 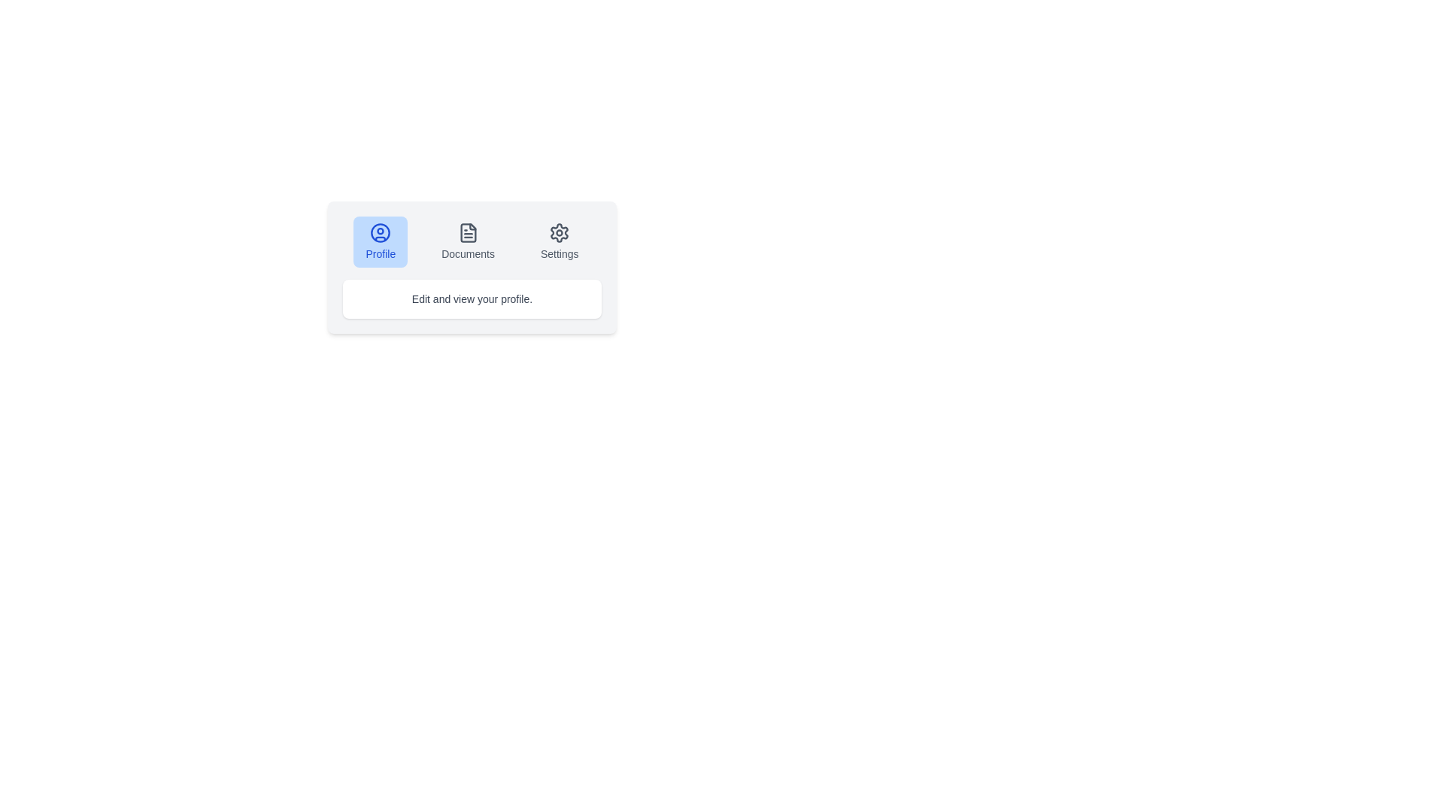 What do you see at coordinates (467, 232) in the screenshot?
I see `the document icon, which is a minimalist outlined vector design depicting a paper with a folded corner` at bounding box center [467, 232].